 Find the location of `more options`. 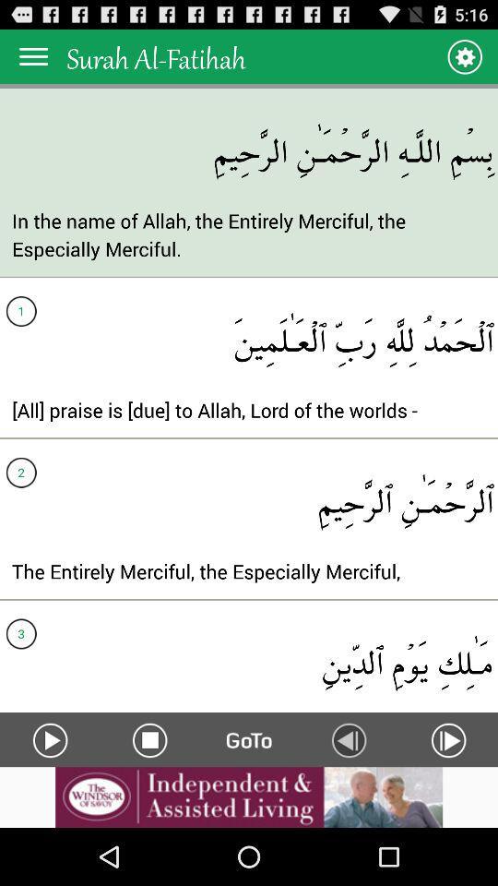

more options is located at coordinates (33, 56).